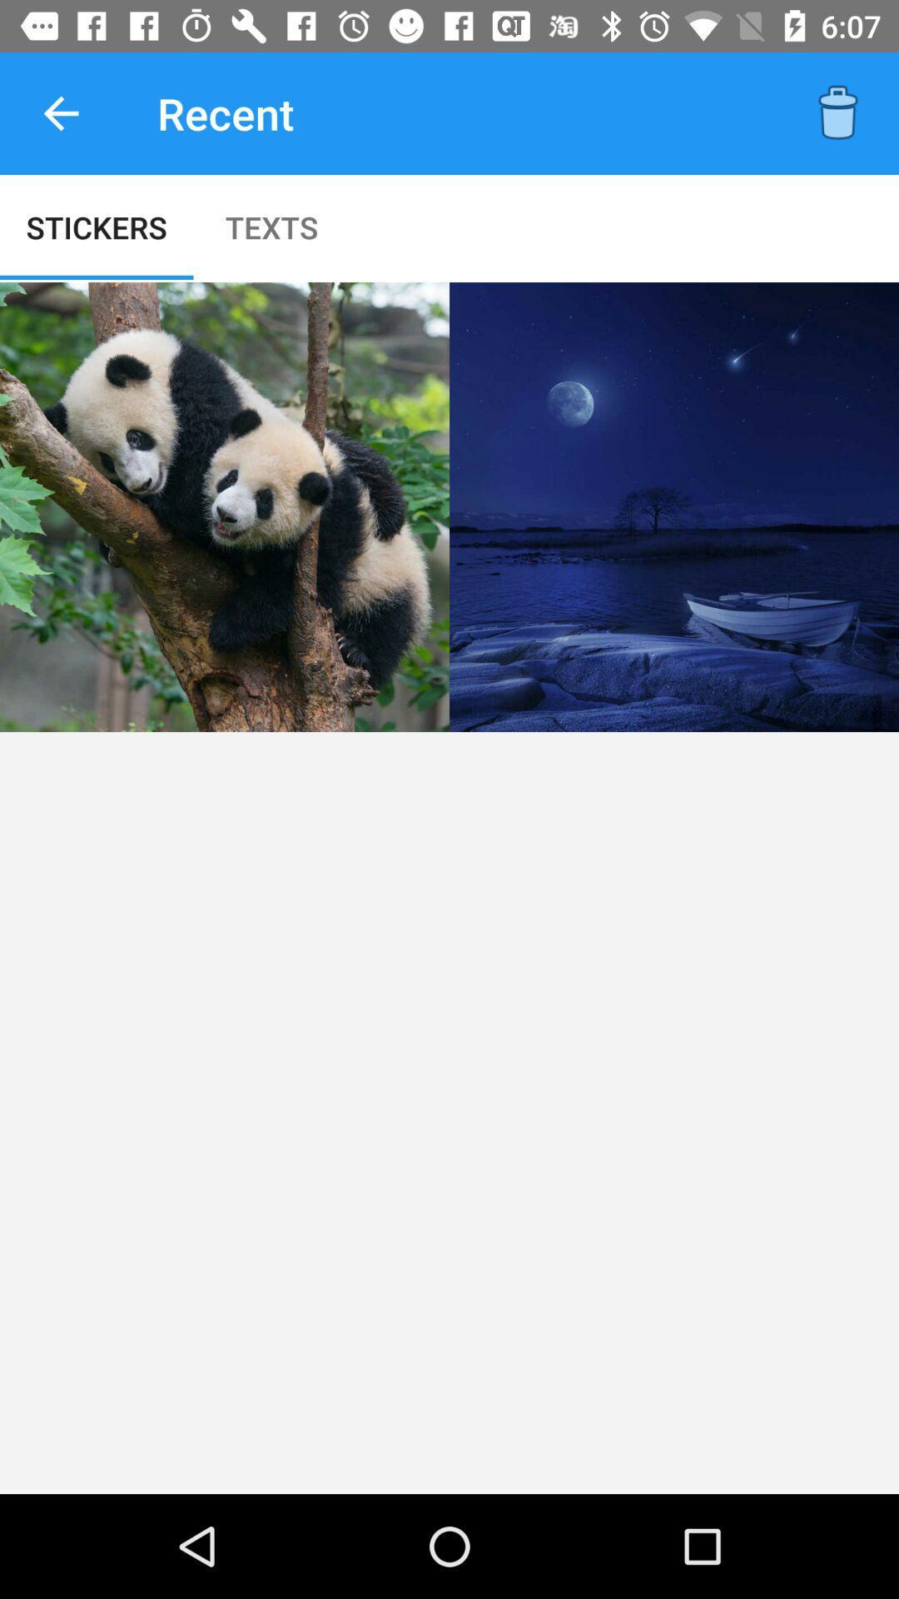 This screenshot has height=1599, width=899. What do you see at coordinates (60, 112) in the screenshot?
I see `the item next to recent` at bounding box center [60, 112].